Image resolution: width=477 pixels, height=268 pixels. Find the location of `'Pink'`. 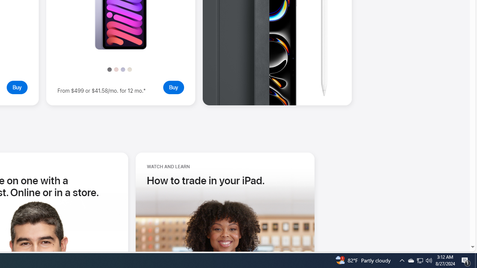

'Pink' is located at coordinates (116, 69).